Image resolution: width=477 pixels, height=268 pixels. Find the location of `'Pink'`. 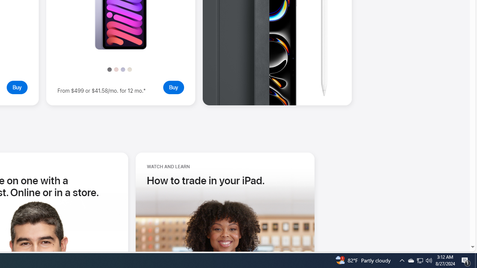

'Pink' is located at coordinates (116, 69).